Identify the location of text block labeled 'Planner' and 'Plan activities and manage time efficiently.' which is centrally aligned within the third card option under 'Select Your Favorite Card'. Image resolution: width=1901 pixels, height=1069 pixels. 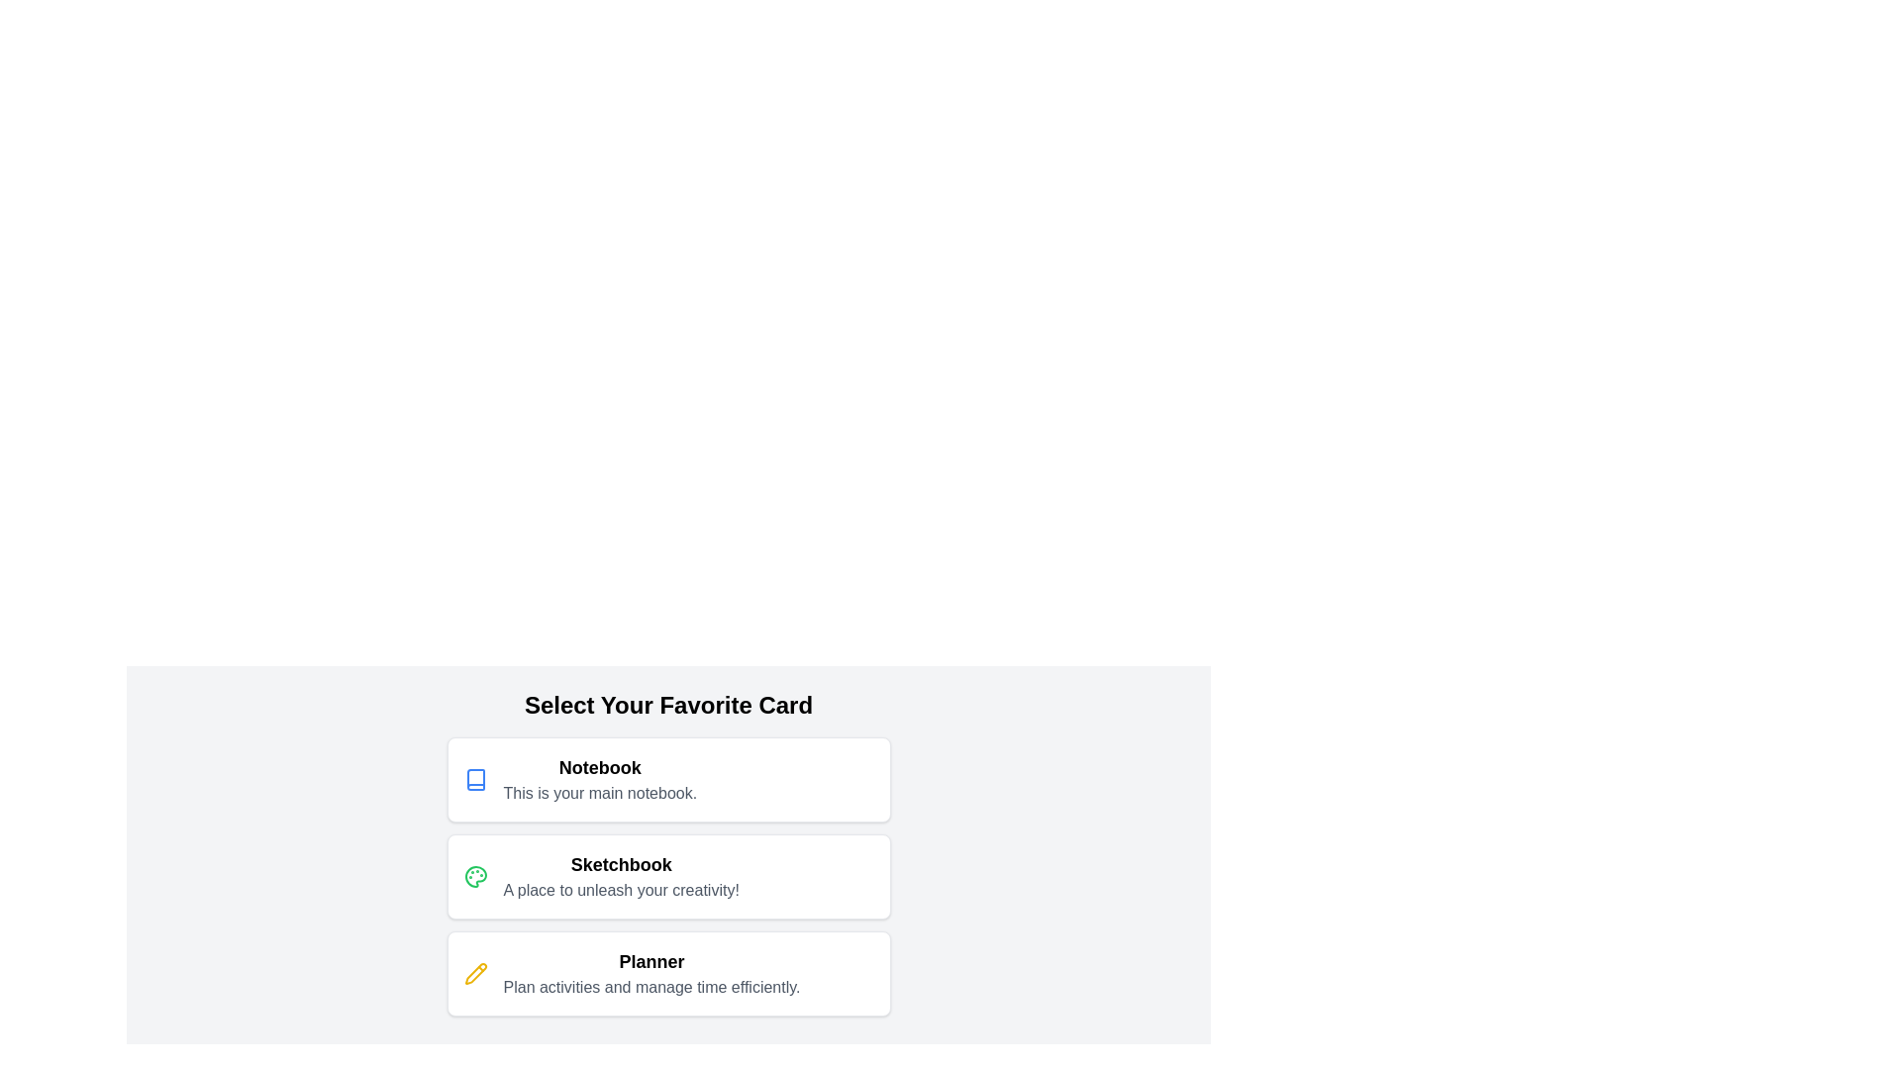
(651, 972).